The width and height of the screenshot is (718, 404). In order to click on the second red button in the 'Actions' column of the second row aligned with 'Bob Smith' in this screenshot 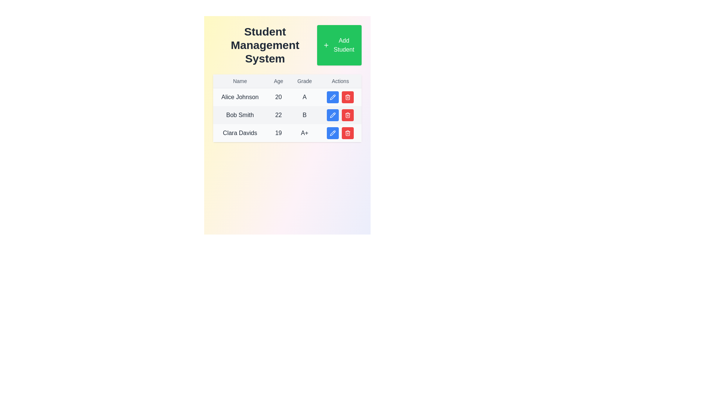, I will do `click(347, 115)`.